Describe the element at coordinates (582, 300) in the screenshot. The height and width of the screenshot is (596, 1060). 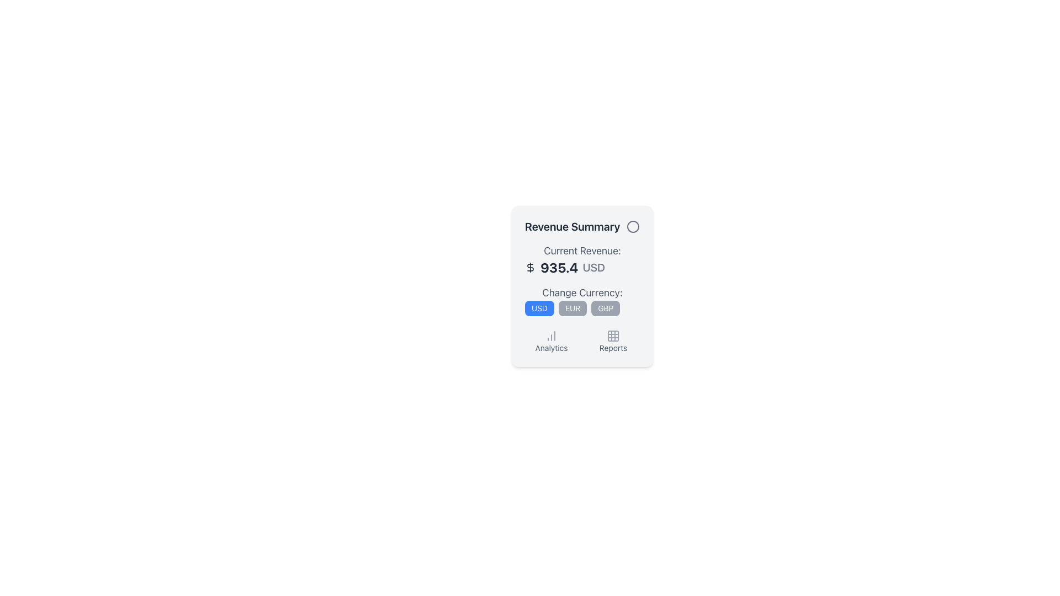
I see `the currency selection button group located within the 'Revenue Summary' box` at that location.